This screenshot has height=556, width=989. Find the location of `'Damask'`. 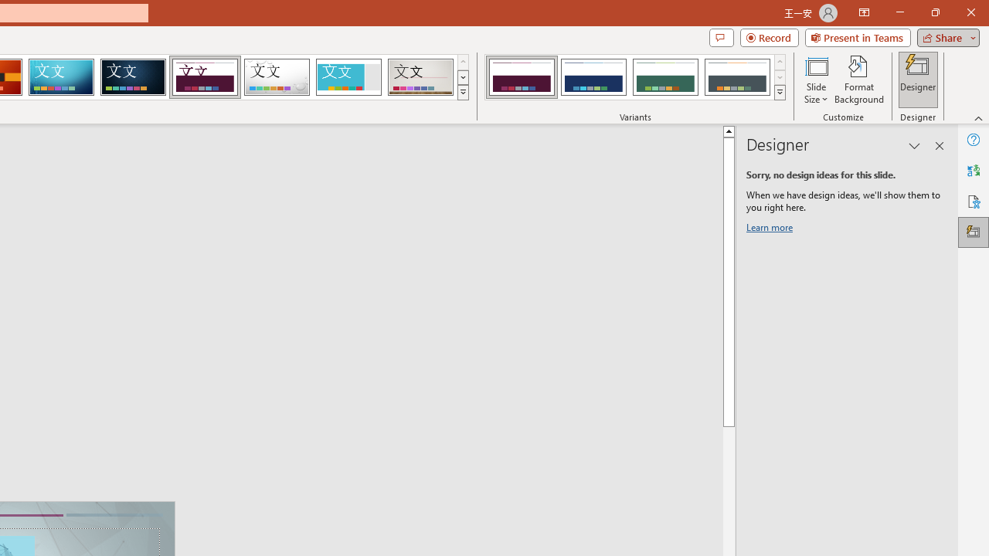

'Damask' is located at coordinates (133, 77).